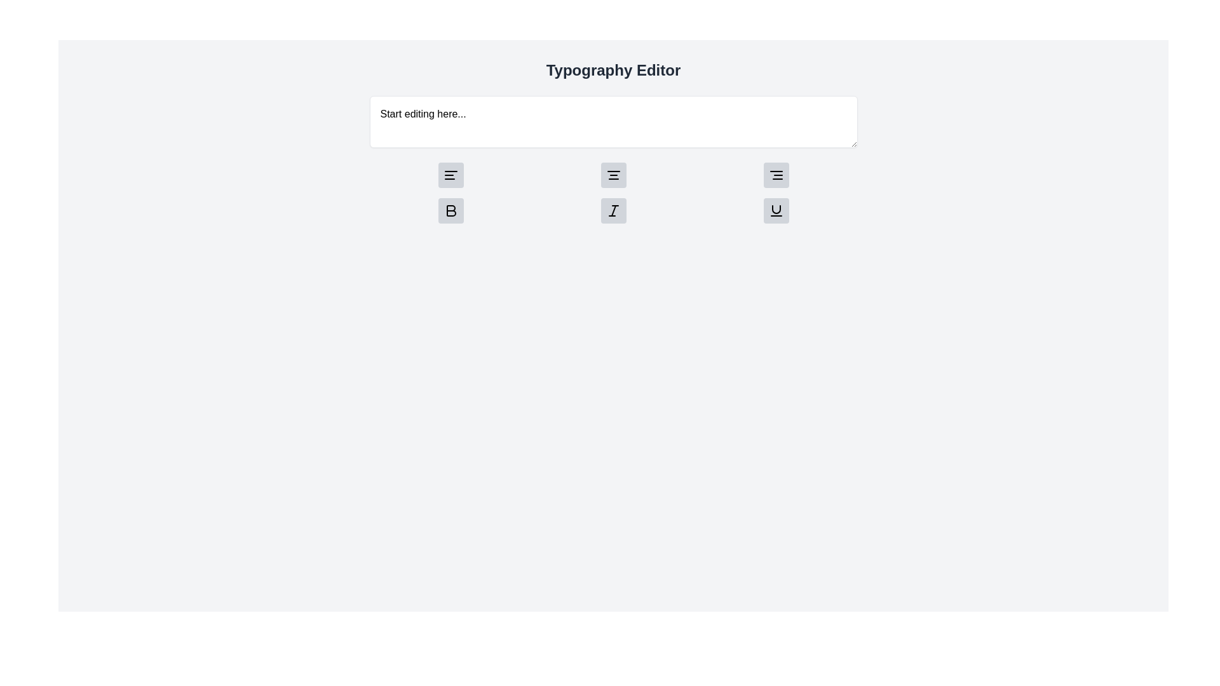 The width and height of the screenshot is (1220, 686). I want to click on the 'Right Text Alignment' icon button located, so click(775, 175).